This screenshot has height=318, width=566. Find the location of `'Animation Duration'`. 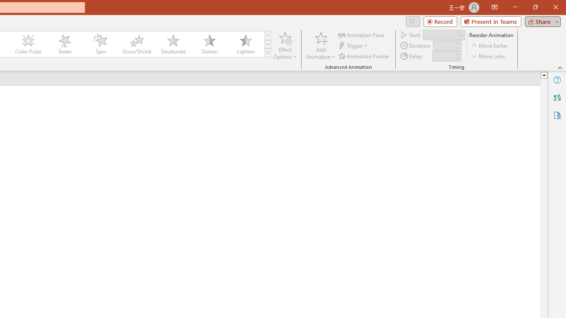

'Animation Duration' is located at coordinates (444, 45).